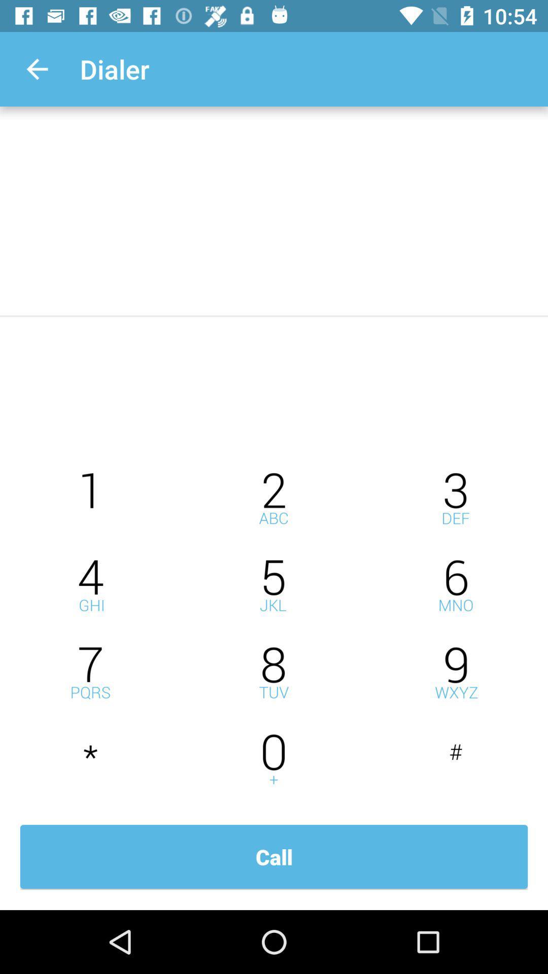 This screenshot has width=548, height=974. What do you see at coordinates (91, 498) in the screenshot?
I see `the info icon` at bounding box center [91, 498].